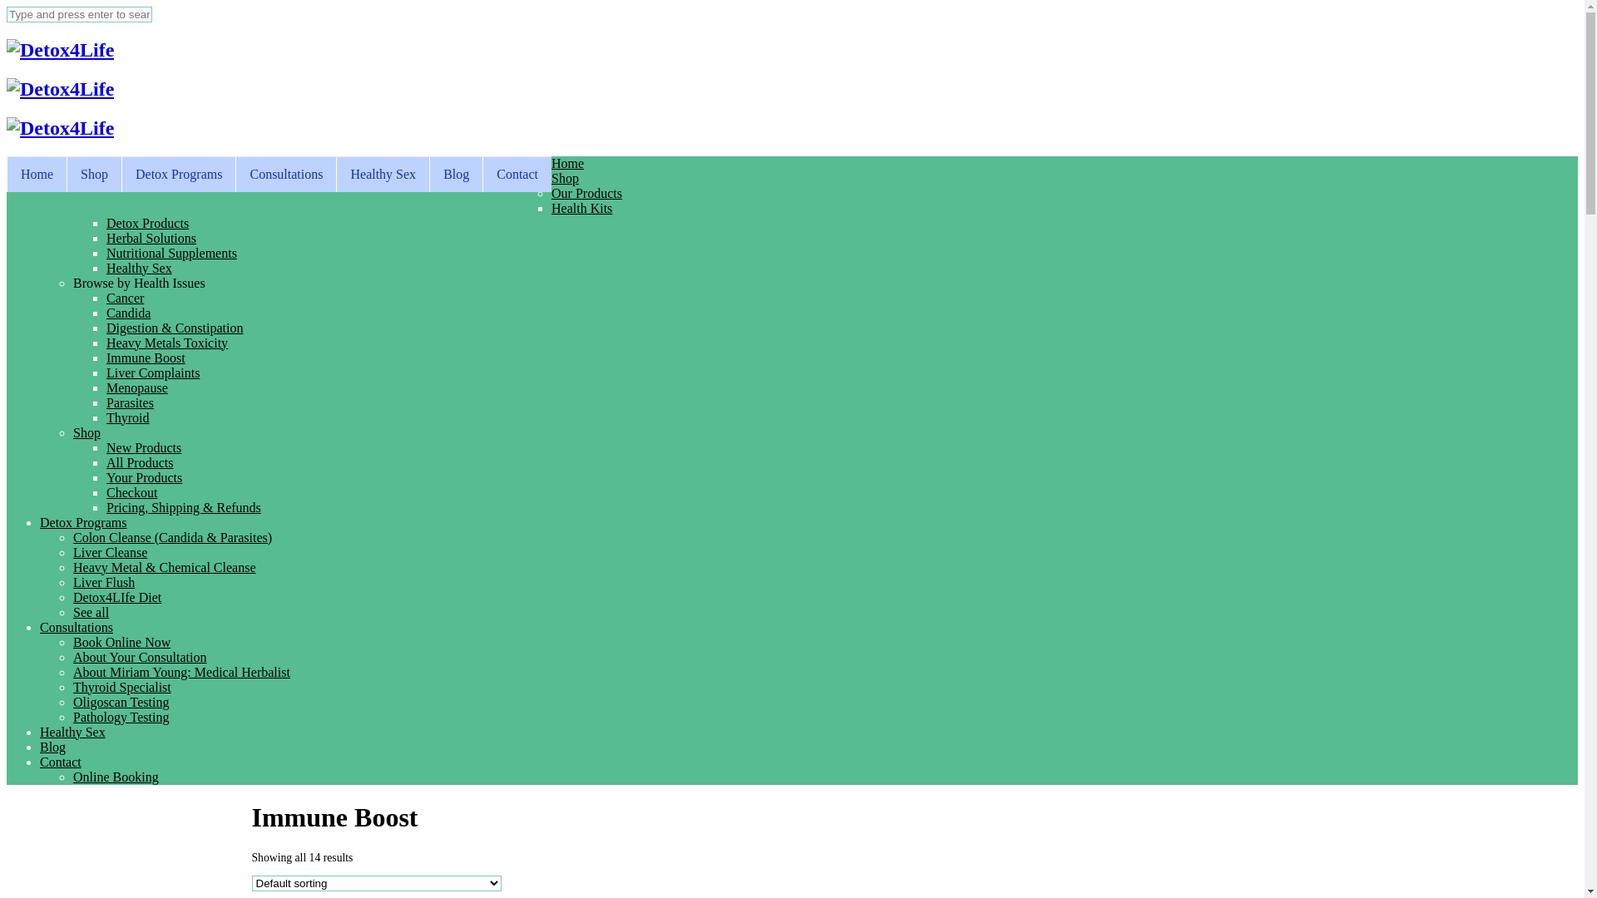 This screenshot has width=1597, height=898. What do you see at coordinates (120, 716) in the screenshot?
I see `'Pathology Testing'` at bounding box center [120, 716].